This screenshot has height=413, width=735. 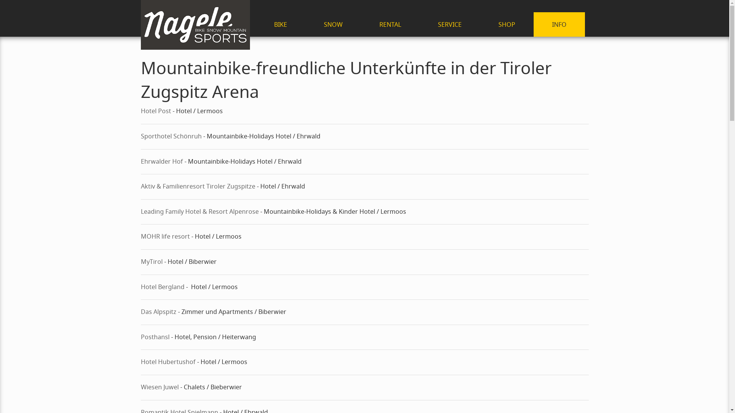 What do you see at coordinates (419, 24) in the screenshot?
I see `'SERVICE'` at bounding box center [419, 24].